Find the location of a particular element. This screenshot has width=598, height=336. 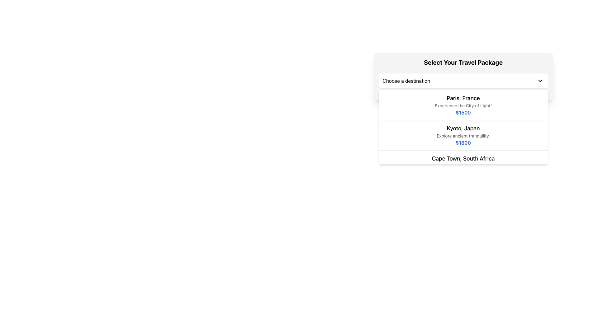

the Dropdown Menu located below the title 'Select Your Travel Package' is located at coordinates (463, 80).